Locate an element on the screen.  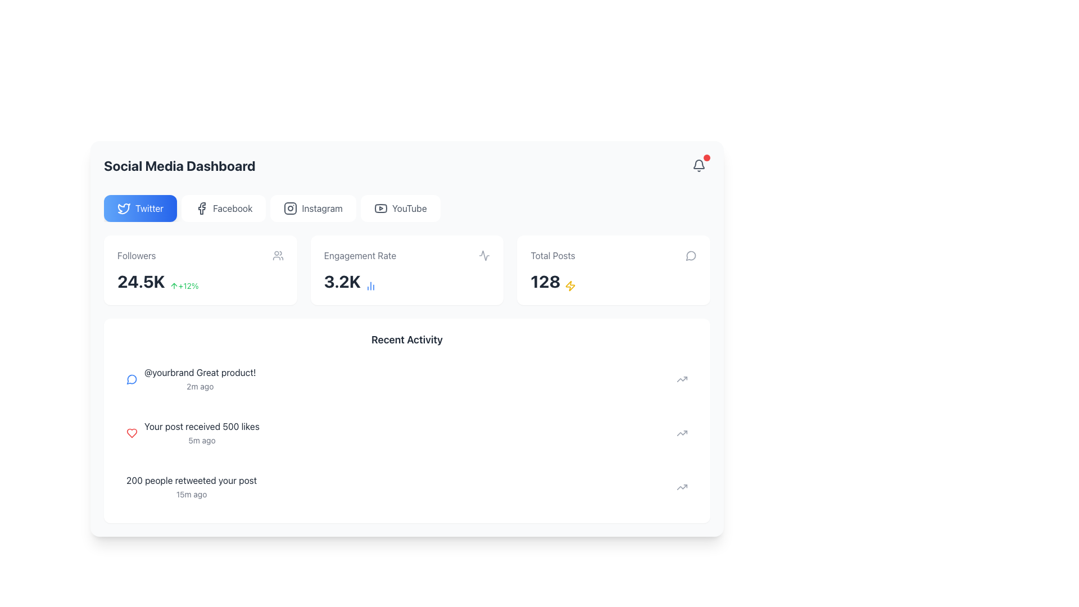
the Instagram button, which features a gray Instagram logo and the text 'Instagram' on a white background, located between the Facebook and YouTube buttons is located at coordinates (313, 208).